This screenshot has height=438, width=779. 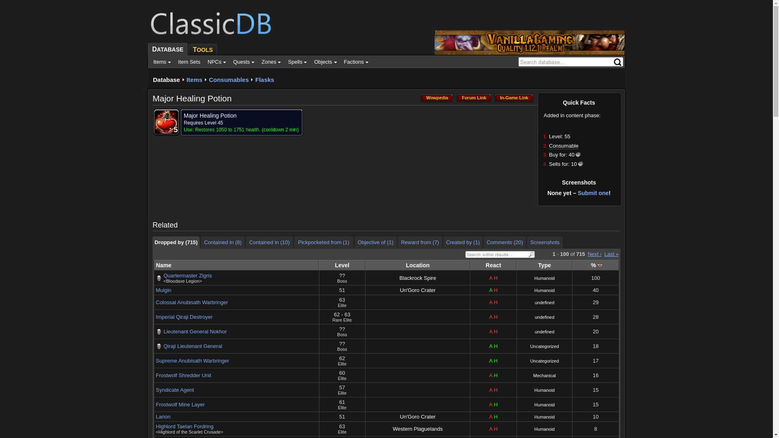 I want to click on 'Restores 1050 to 1751 health.', so click(x=227, y=129).